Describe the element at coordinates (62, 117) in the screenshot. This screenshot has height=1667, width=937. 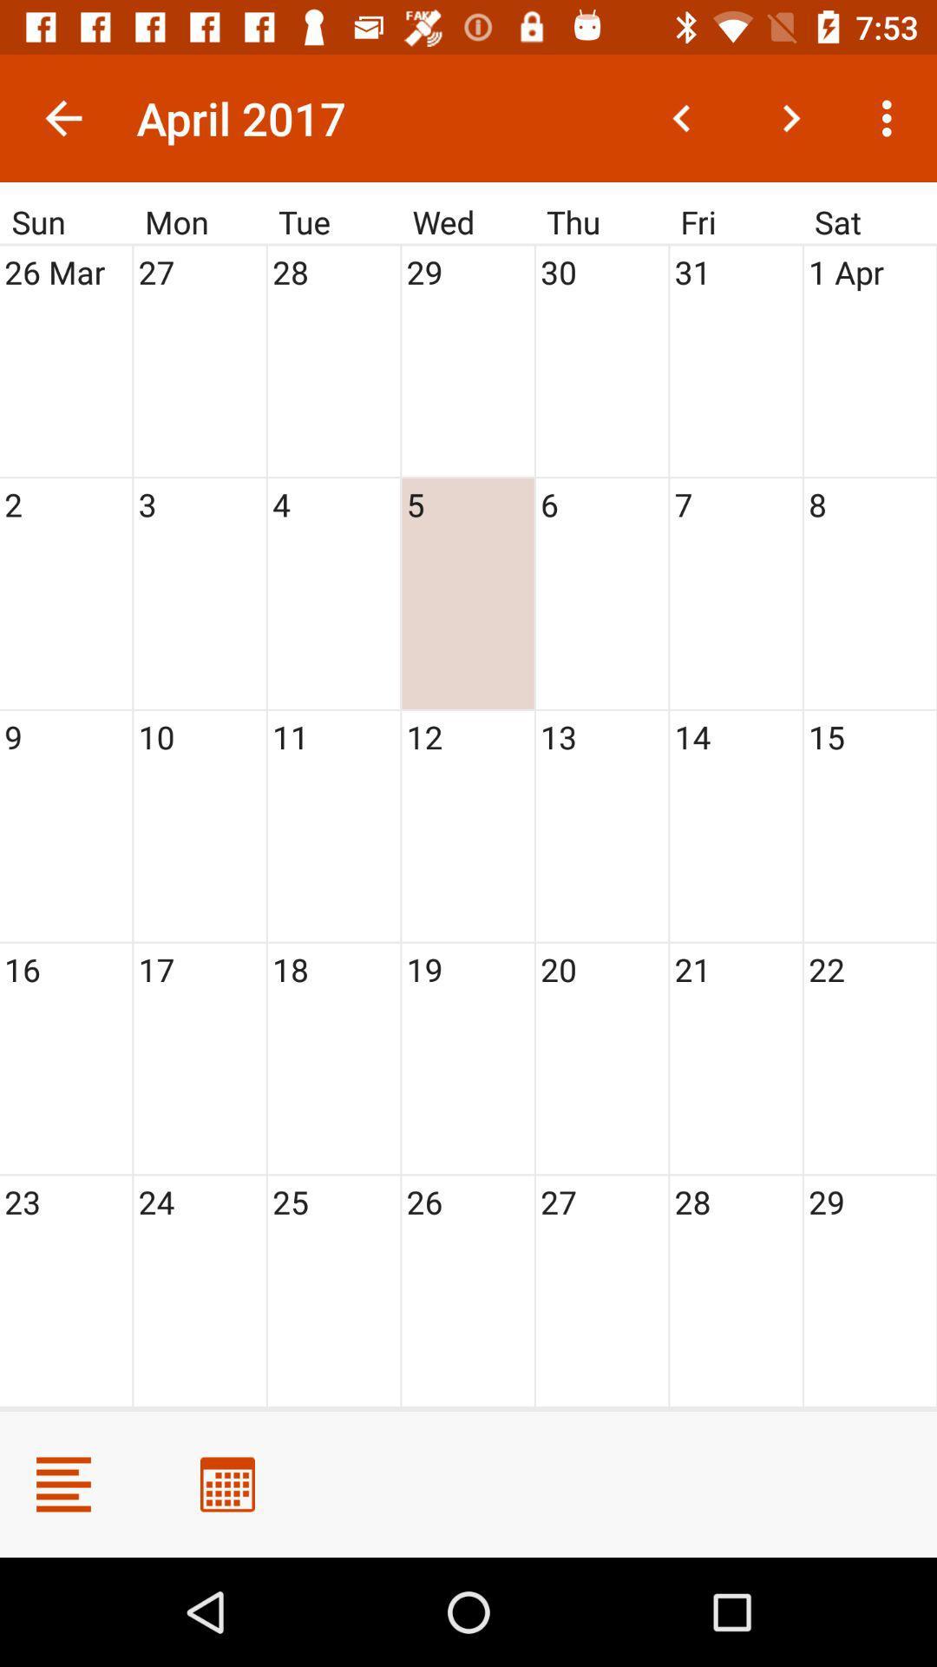
I see `item to the left of april 2017` at that location.